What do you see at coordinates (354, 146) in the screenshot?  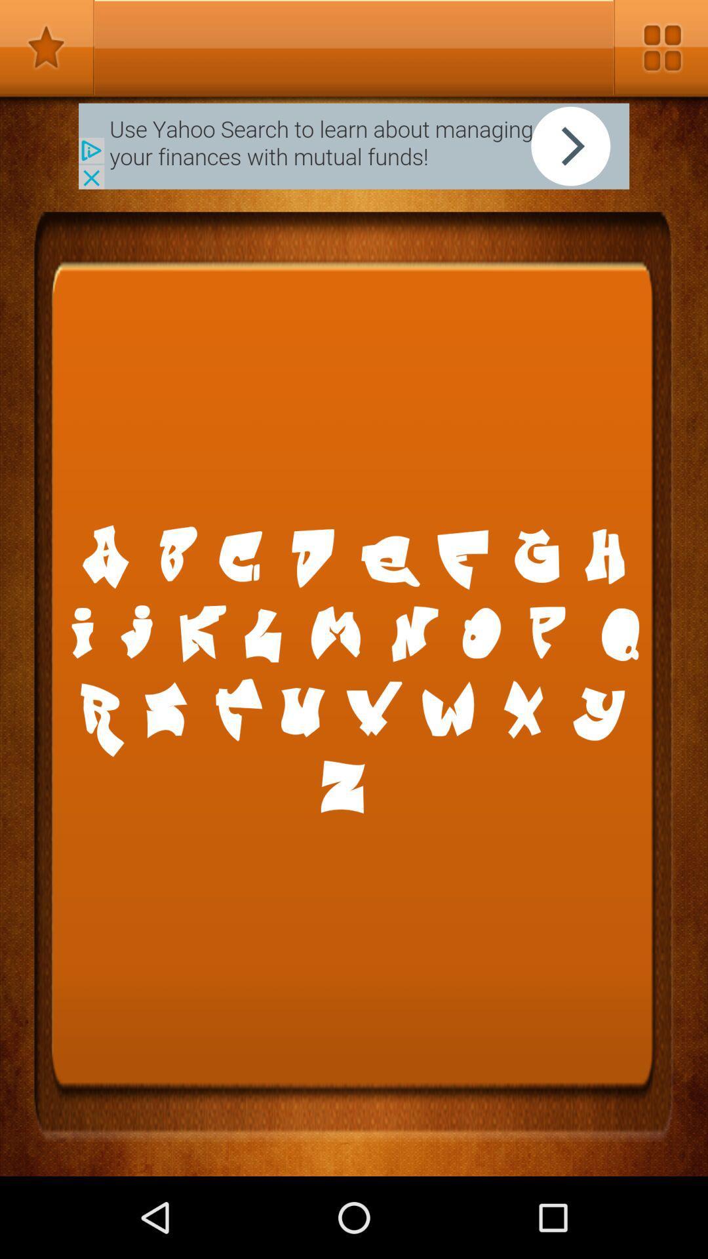 I see `advertisement` at bounding box center [354, 146].